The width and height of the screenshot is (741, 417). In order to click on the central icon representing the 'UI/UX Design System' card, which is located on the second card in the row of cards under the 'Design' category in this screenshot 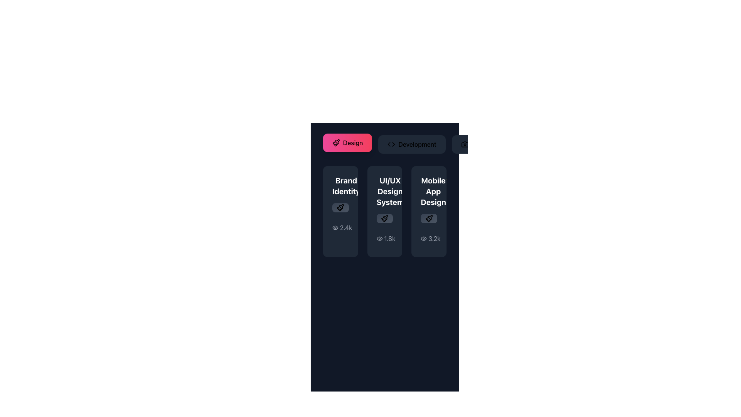, I will do `click(386, 217)`.